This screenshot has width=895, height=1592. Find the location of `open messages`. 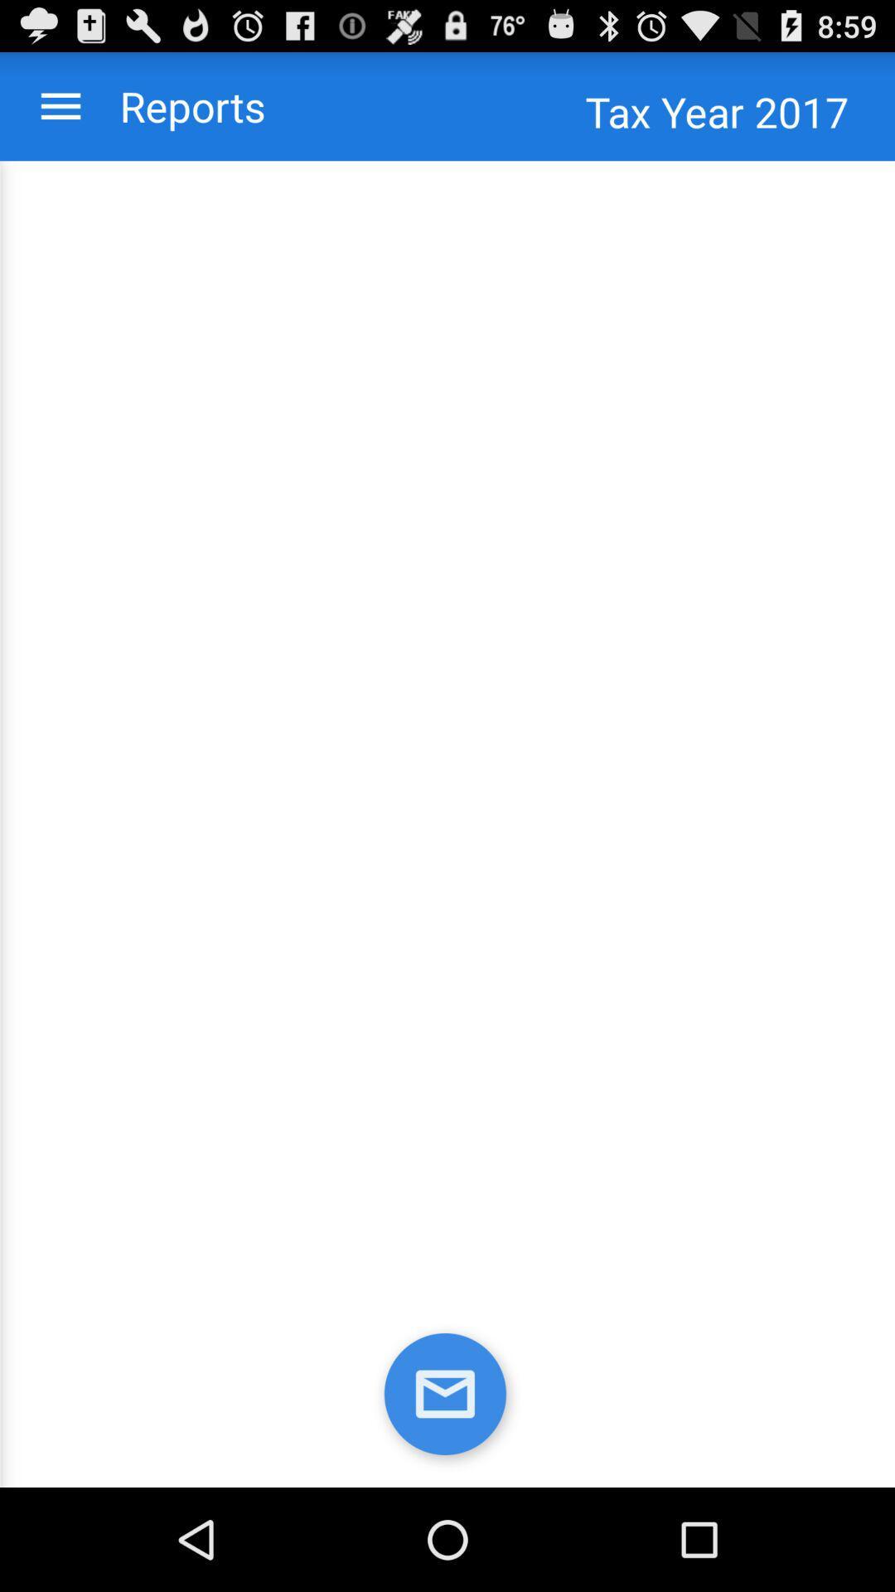

open messages is located at coordinates (447, 1396).